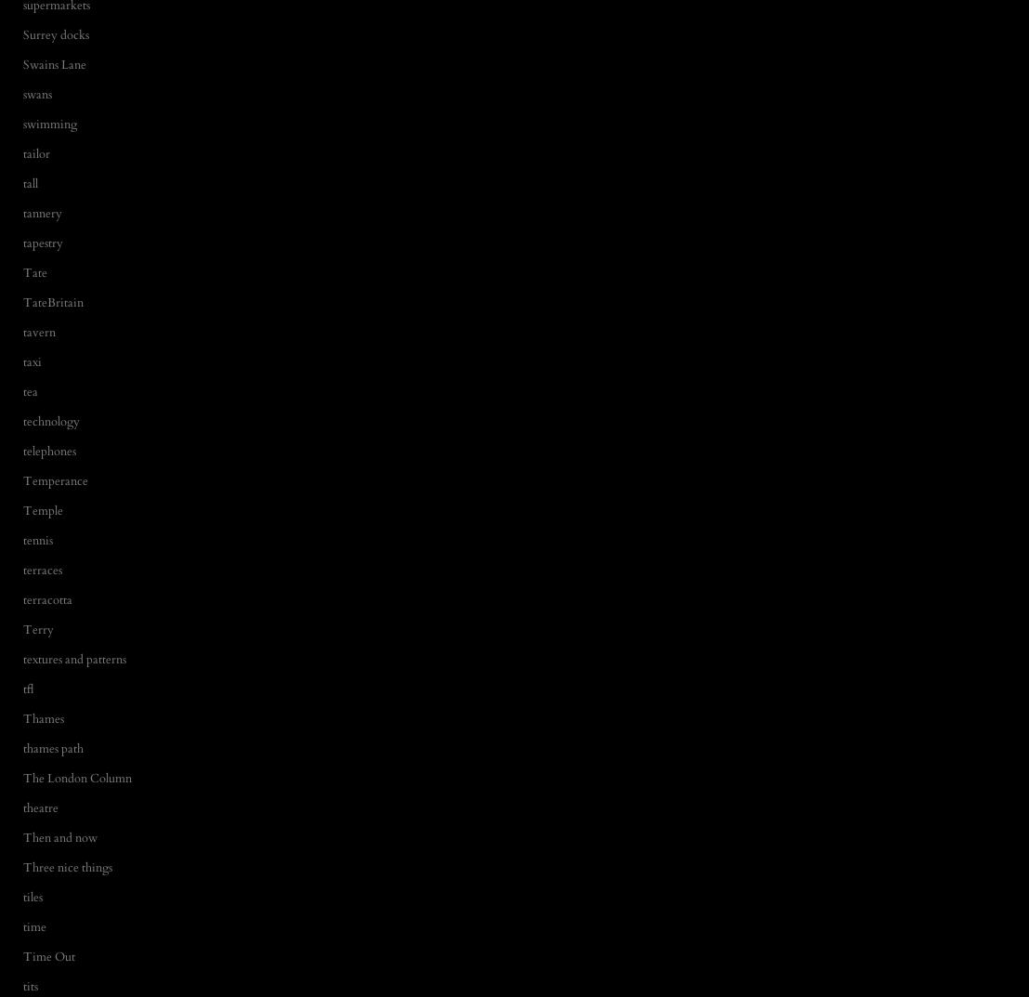  Describe the element at coordinates (42, 212) in the screenshot. I see `'tannery'` at that location.